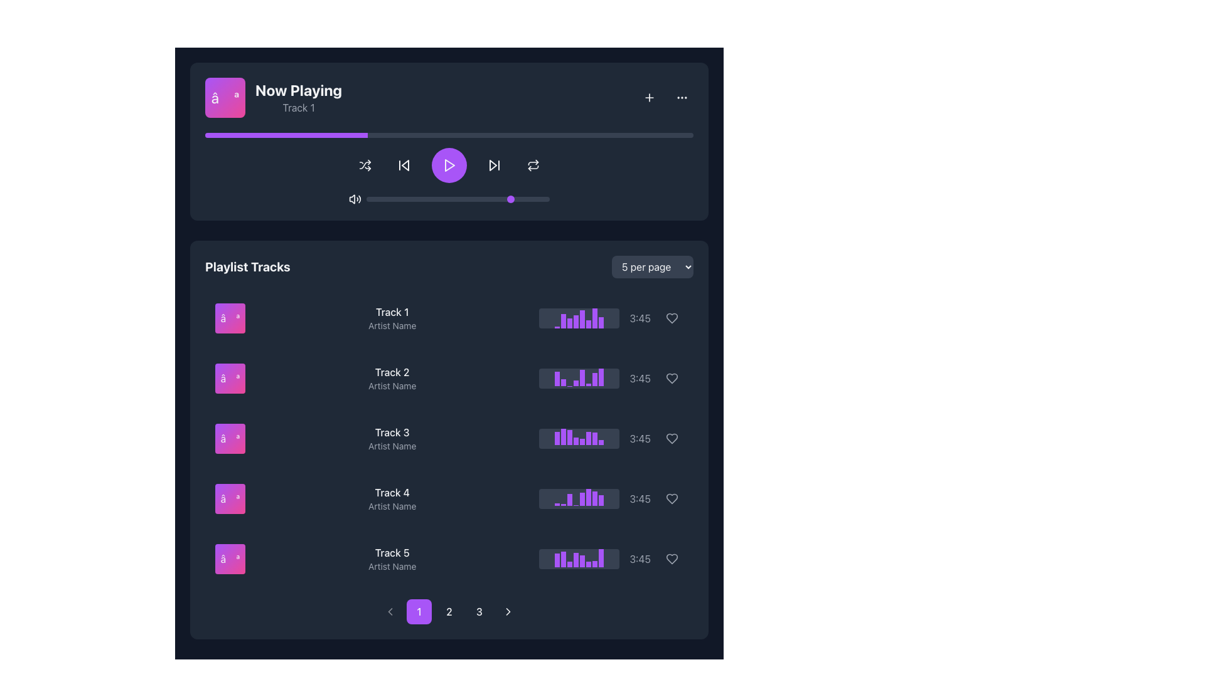  I want to click on the text block containing 'Track 1' in bold and 'Artist Name' in smaller gray text, located in the central-left area of the track list interface under the 'Playlist Tracks' heading, so click(392, 318).